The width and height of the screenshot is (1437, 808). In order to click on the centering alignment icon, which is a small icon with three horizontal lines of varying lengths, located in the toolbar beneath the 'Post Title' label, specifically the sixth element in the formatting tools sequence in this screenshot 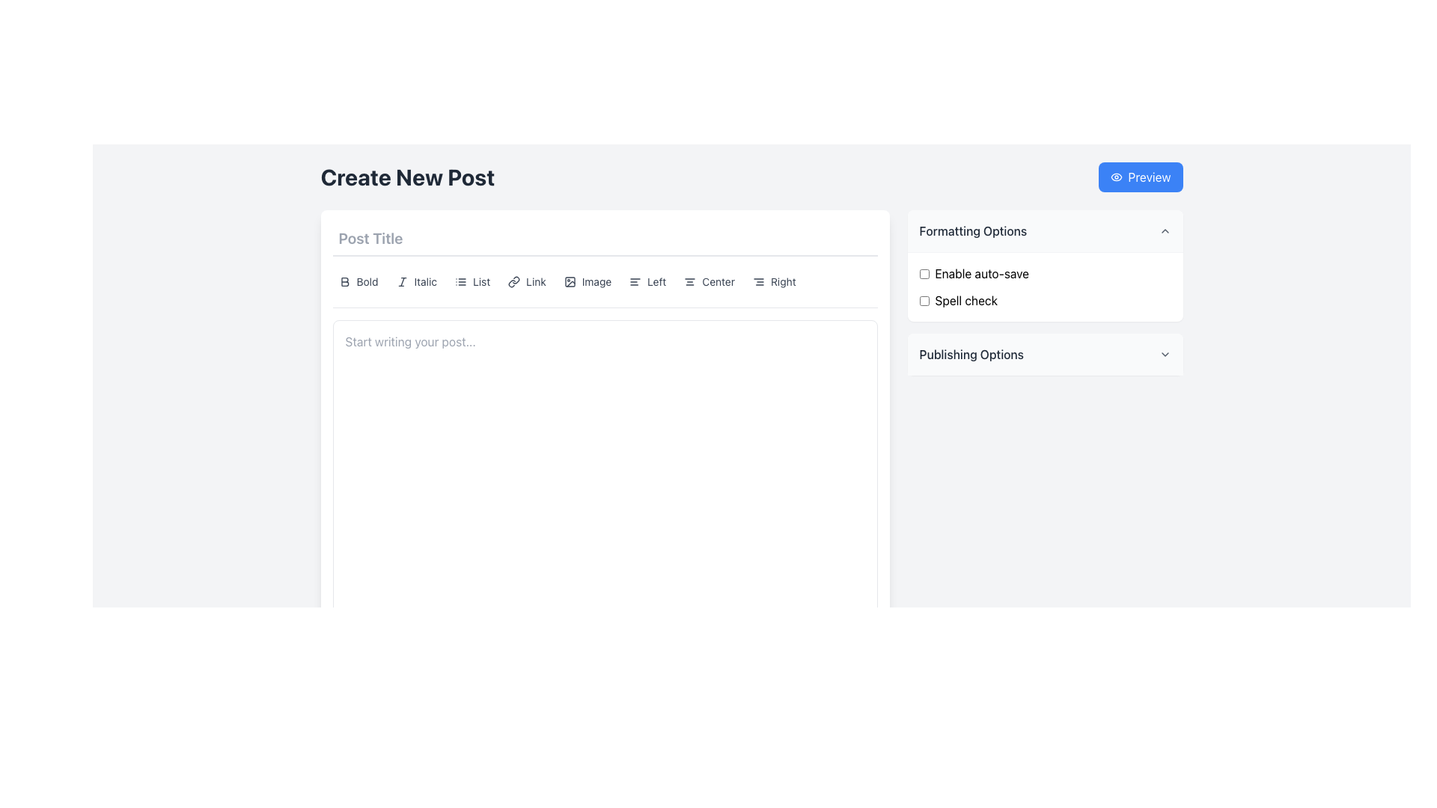, I will do `click(689, 282)`.